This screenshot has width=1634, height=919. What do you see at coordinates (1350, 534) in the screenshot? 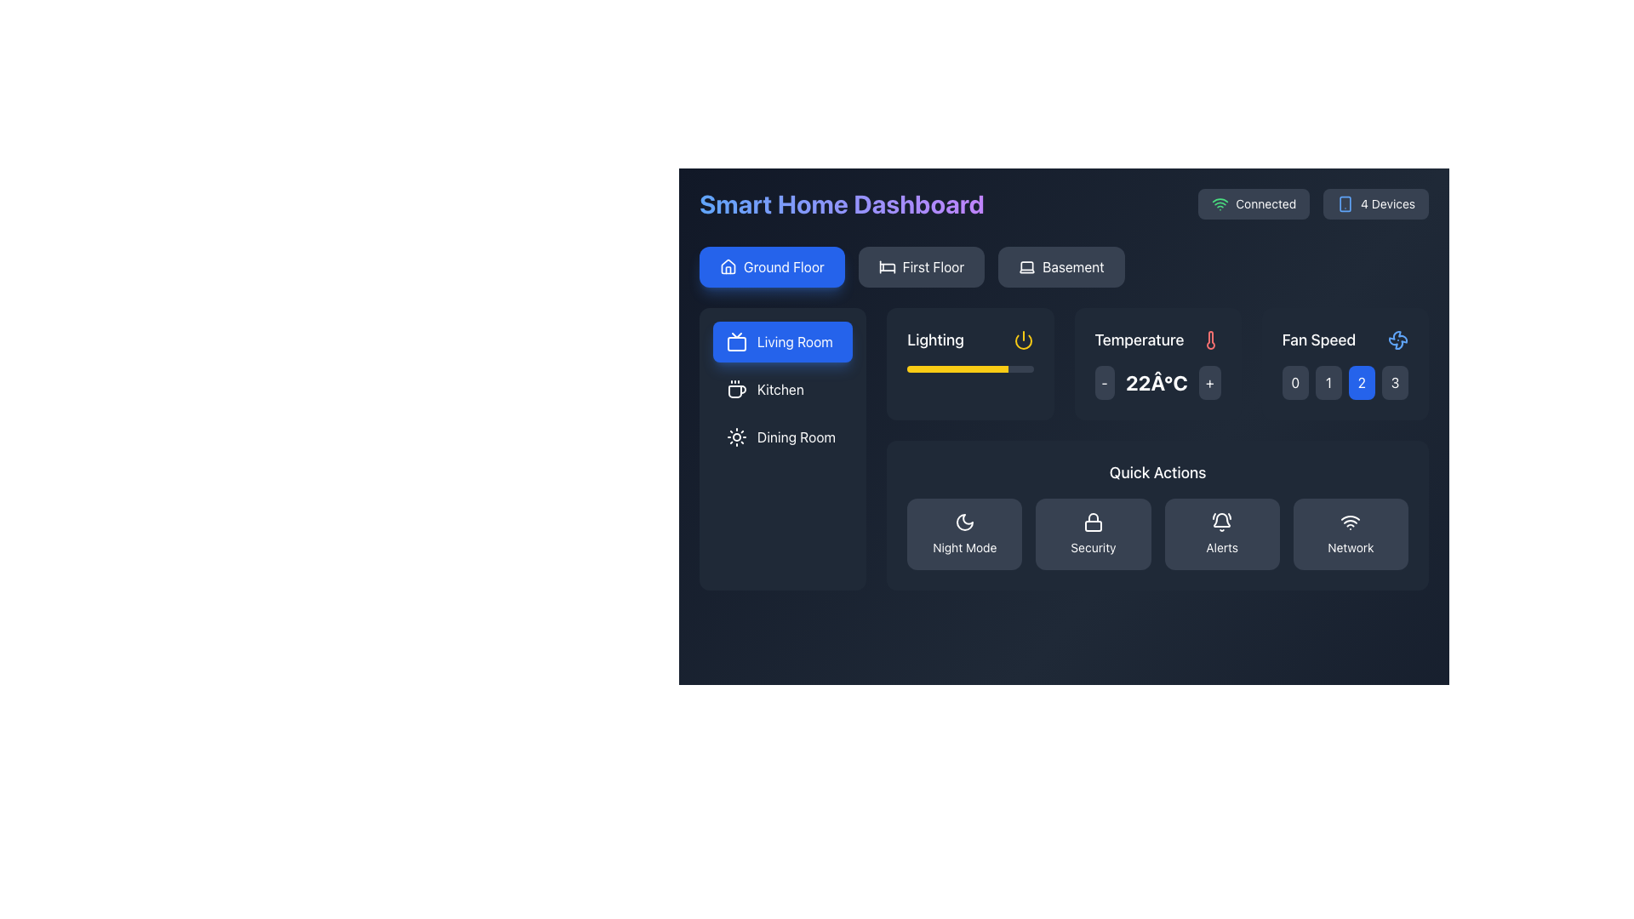
I see `the 'Network' button` at bounding box center [1350, 534].